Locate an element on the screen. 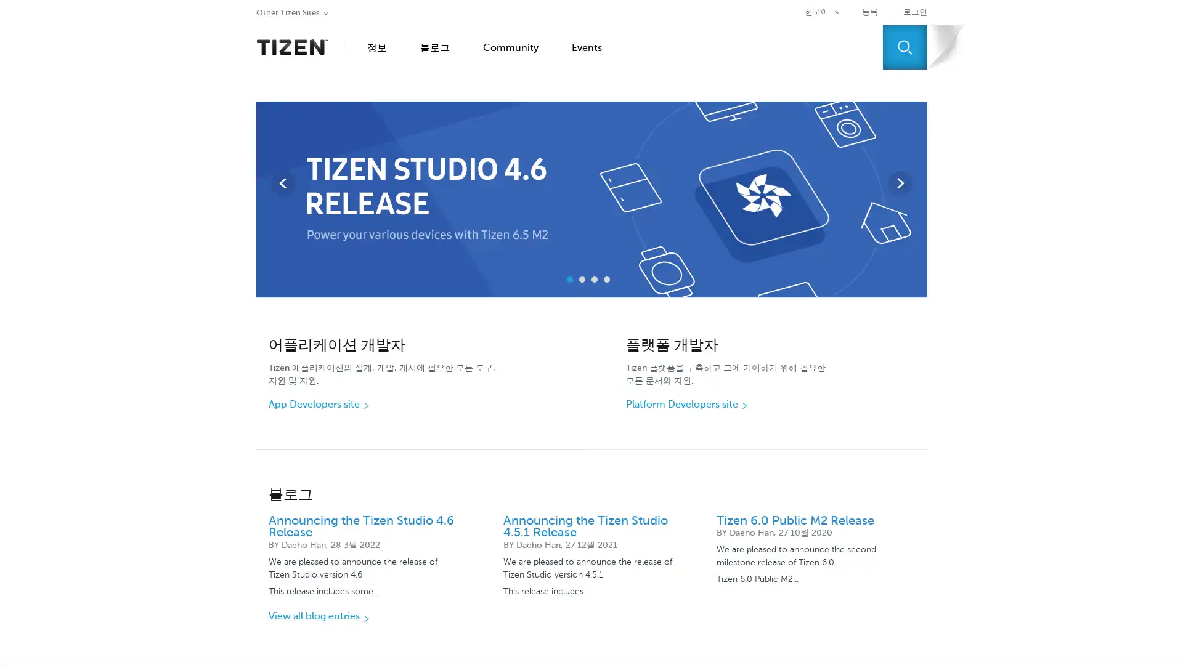 Image resolution: width=1183 pixels, height=665 pixels. 1 is located at coordinates (569, 280).